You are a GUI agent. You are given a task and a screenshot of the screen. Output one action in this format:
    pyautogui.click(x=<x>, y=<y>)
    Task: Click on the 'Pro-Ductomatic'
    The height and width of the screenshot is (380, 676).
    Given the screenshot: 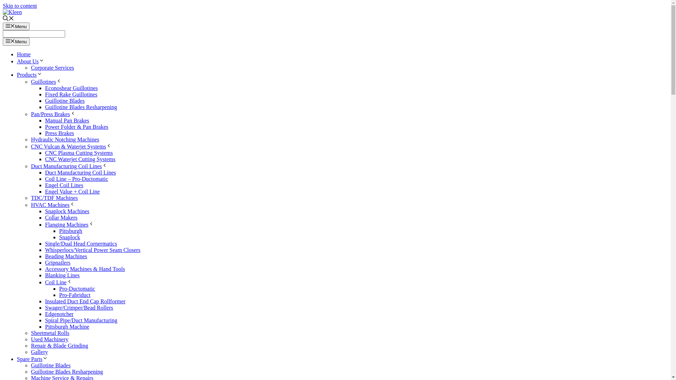 What is the action you would take?
    pyautogui.click(x=77, y=289)
    